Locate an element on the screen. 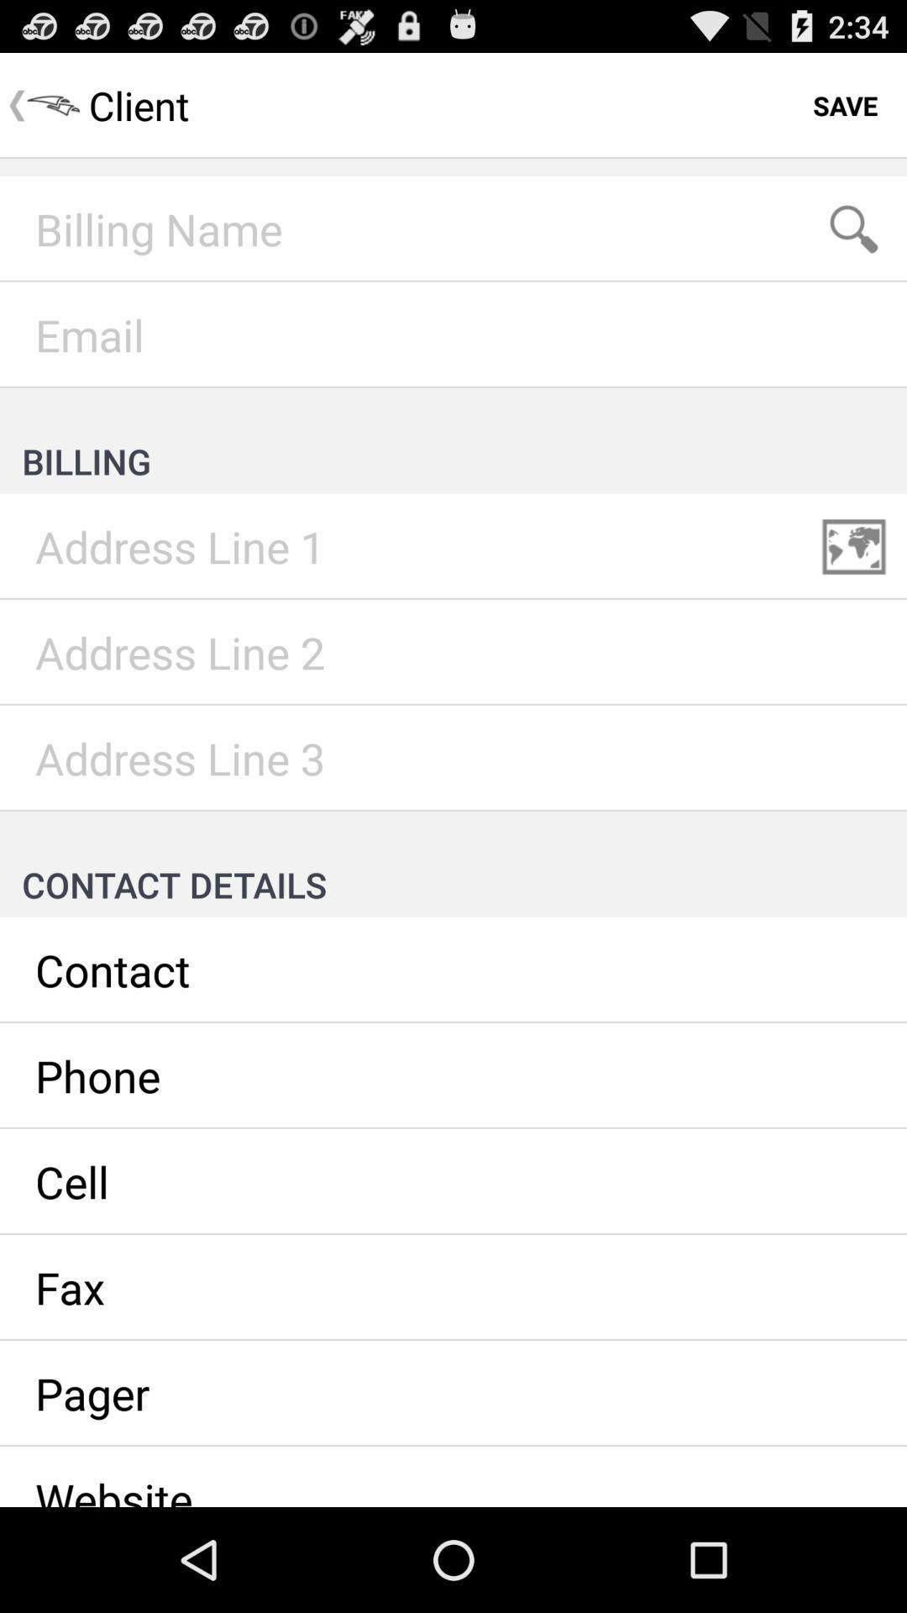 This screenshot has width=907, height=1613. opens a link to the contact details for cell phone is located at coordinates (453, 1180).